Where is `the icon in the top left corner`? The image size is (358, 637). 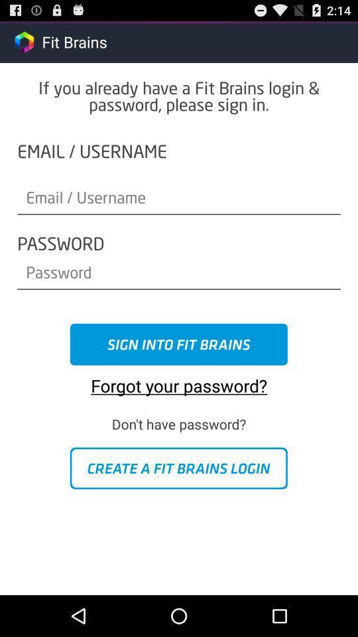 the icon in the top left corner is located at coordinates (24, 41).